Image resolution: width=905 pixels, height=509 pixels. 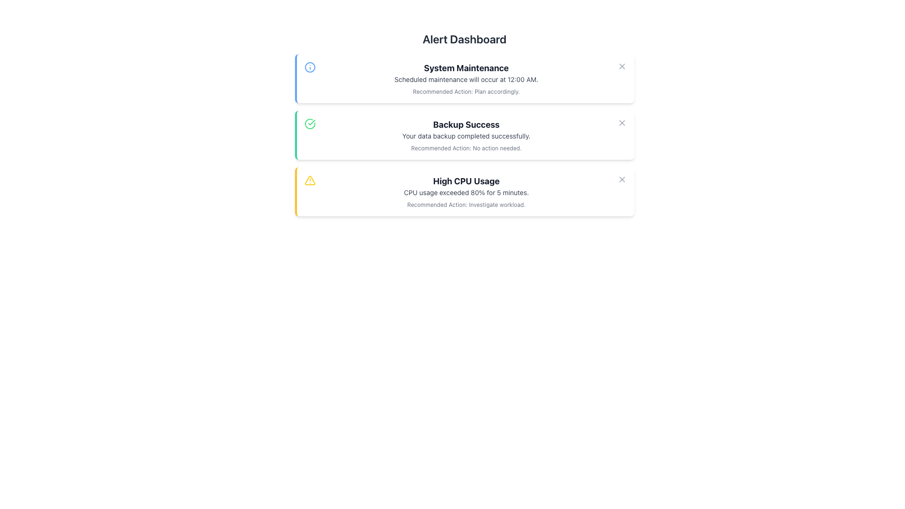 What do you see at coordinates (466, 191) in the screenshot?
I see `alert information from the 'High CPU Usage' notification card, which is the third card in the vertical stack and has a white background with a yellow left border` at bounding box center [466, 191].